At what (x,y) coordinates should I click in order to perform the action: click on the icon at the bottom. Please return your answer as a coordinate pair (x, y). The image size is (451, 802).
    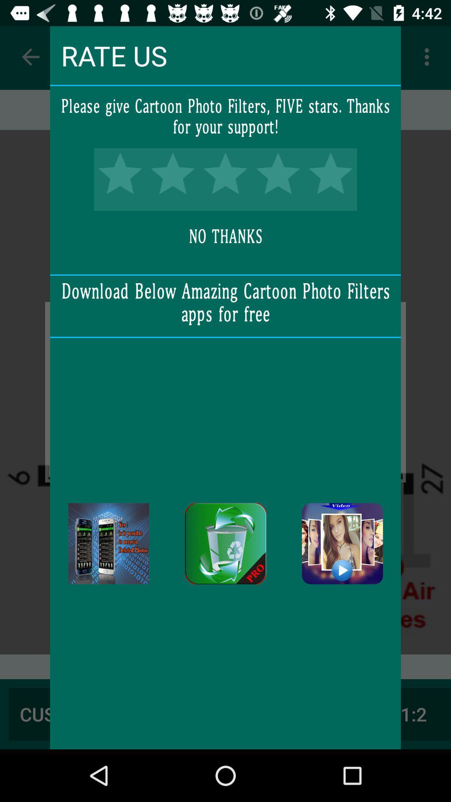
    Looking at the image, I should click on (225, 543).